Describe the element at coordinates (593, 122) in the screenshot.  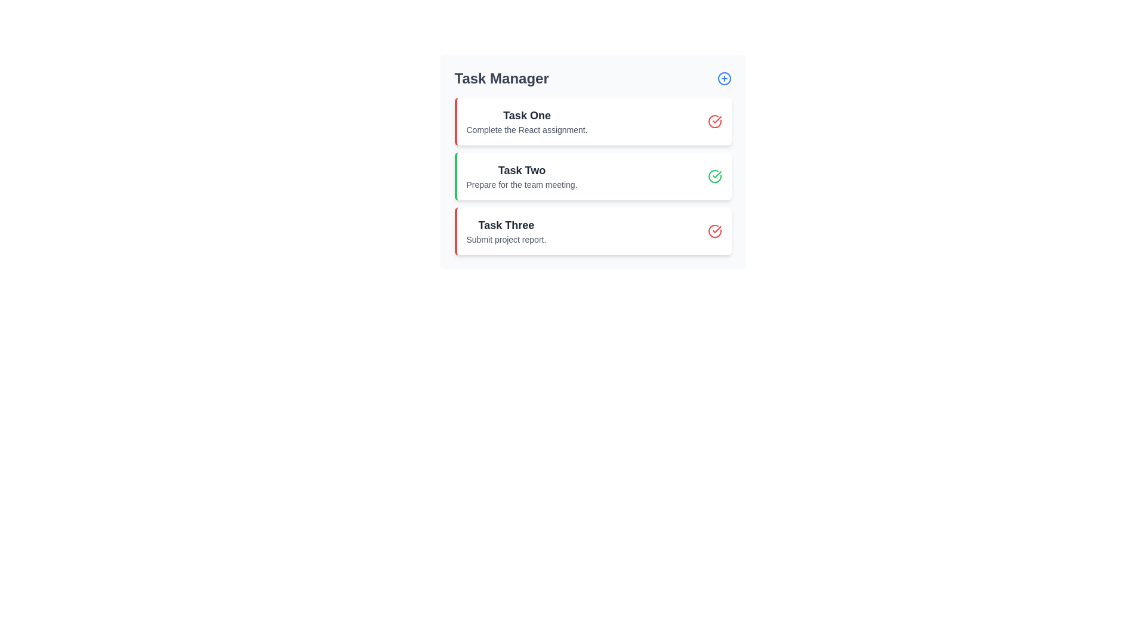
I see `the 'Task One' card that represents the task 'Complete the React assignment'` at that location.